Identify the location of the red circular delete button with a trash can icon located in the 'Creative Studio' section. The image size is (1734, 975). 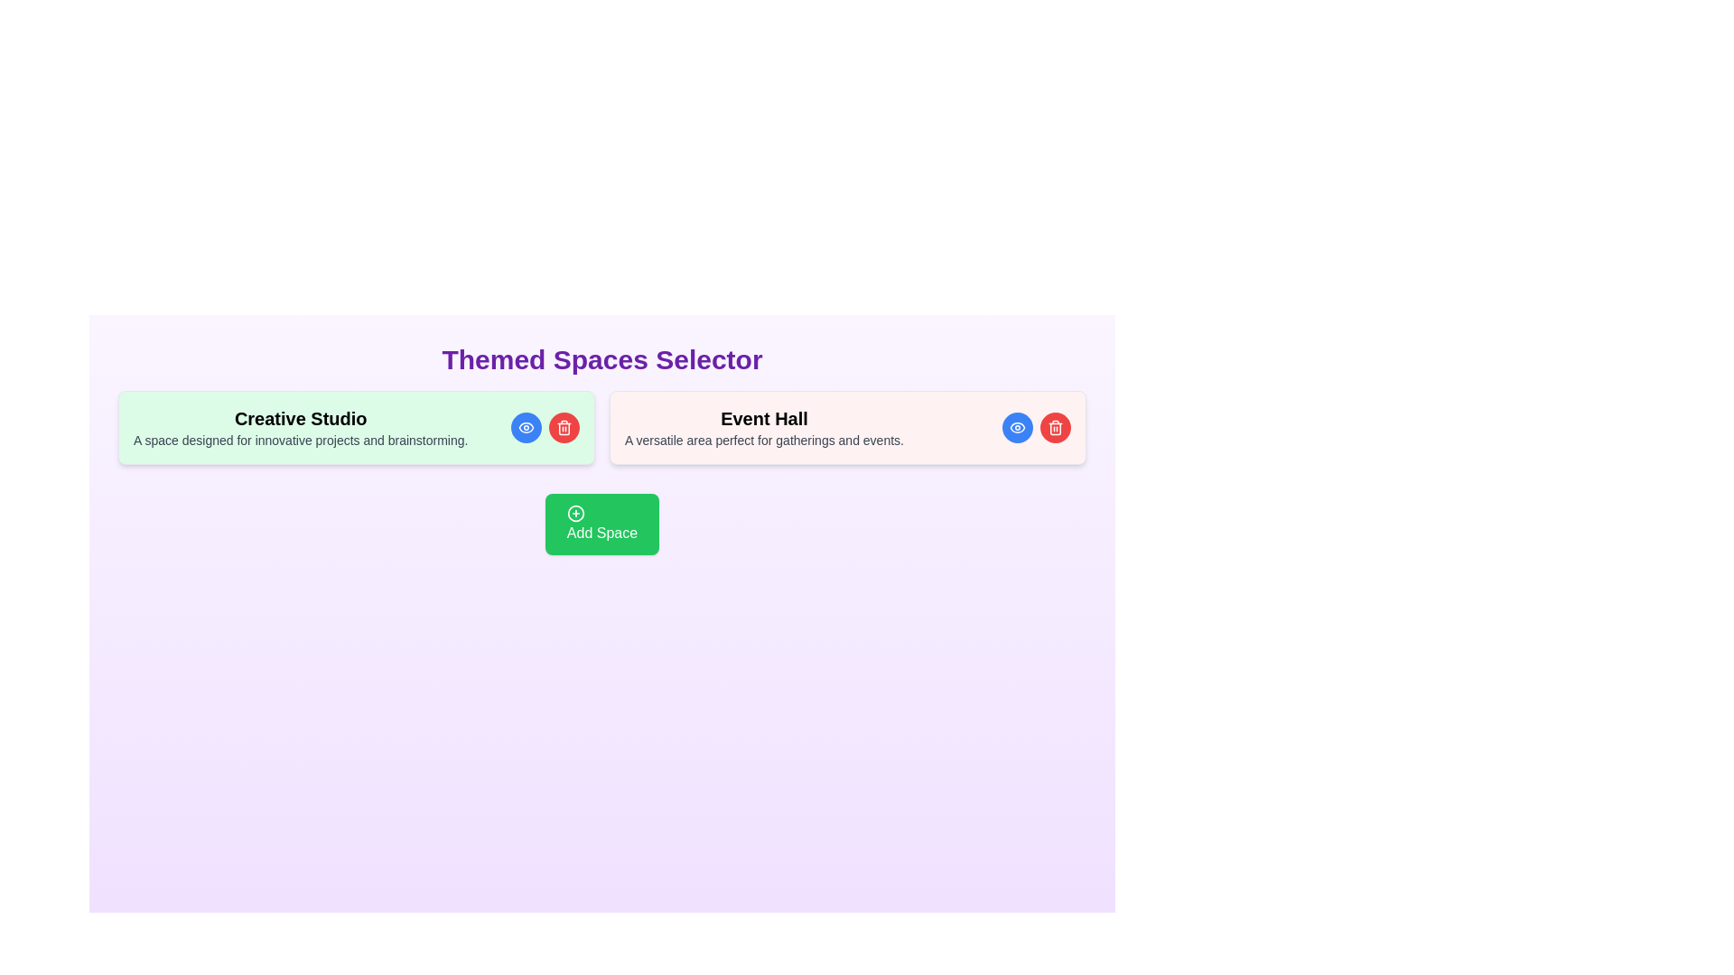
(563, 428).